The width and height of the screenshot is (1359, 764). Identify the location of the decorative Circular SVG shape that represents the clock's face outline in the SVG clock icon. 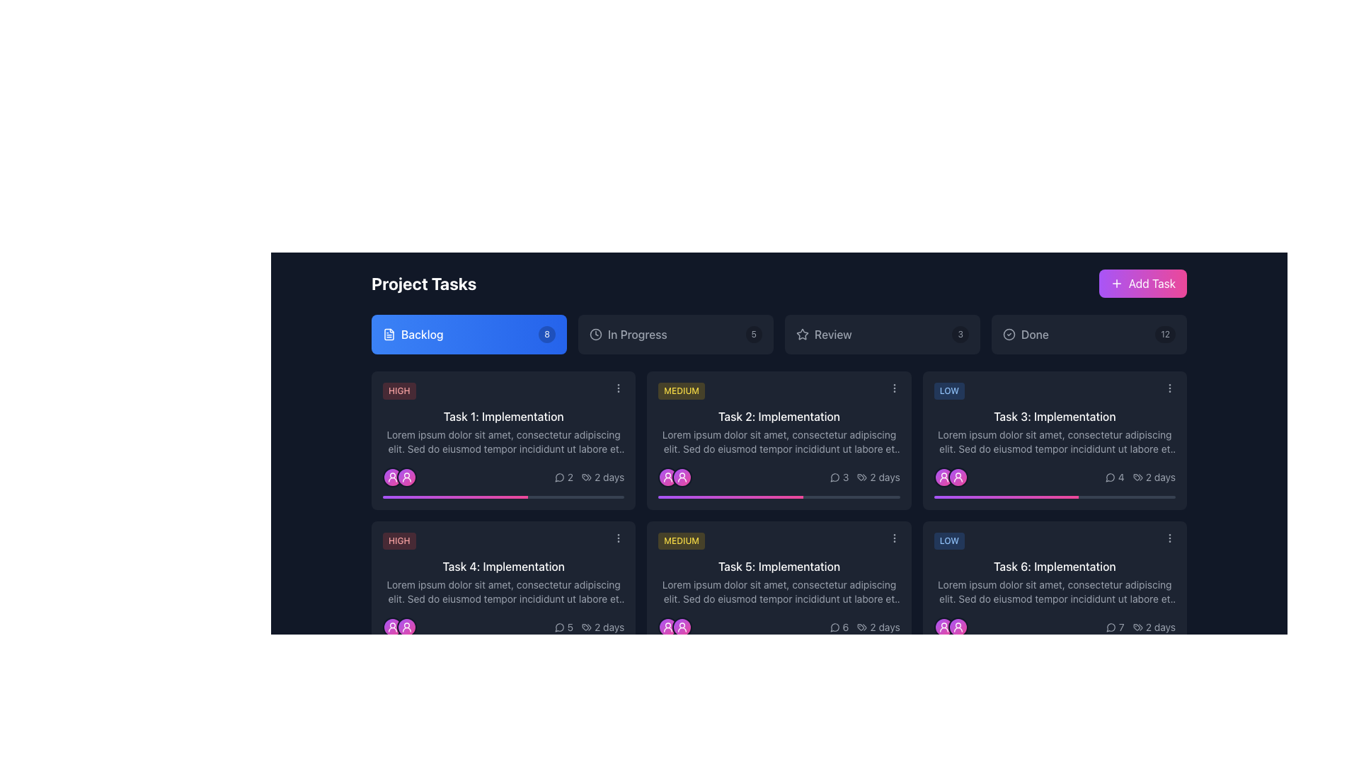
(595, 335).